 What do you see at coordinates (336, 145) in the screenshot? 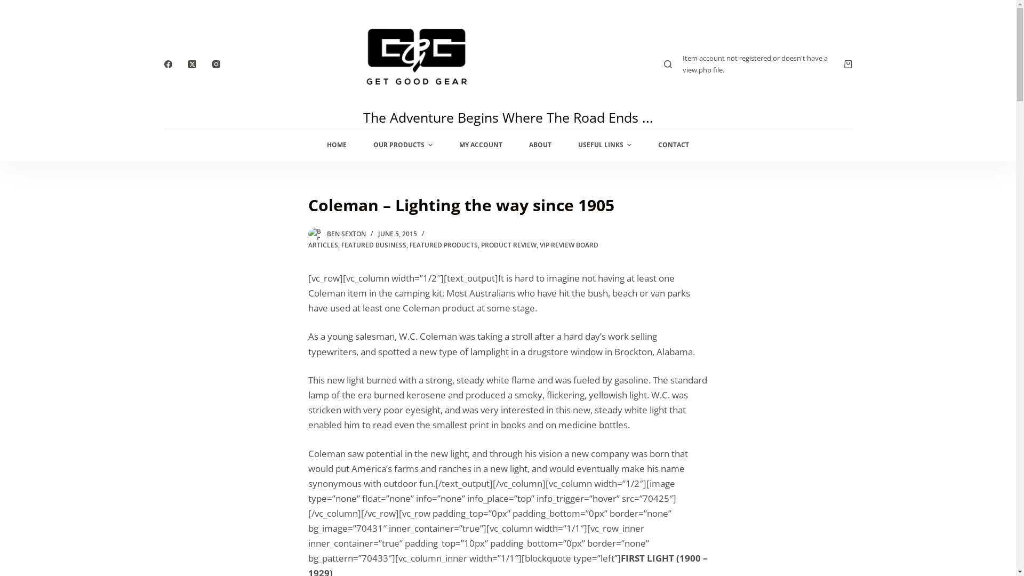
I see `'HOME'` at bounding box center [336, 145].